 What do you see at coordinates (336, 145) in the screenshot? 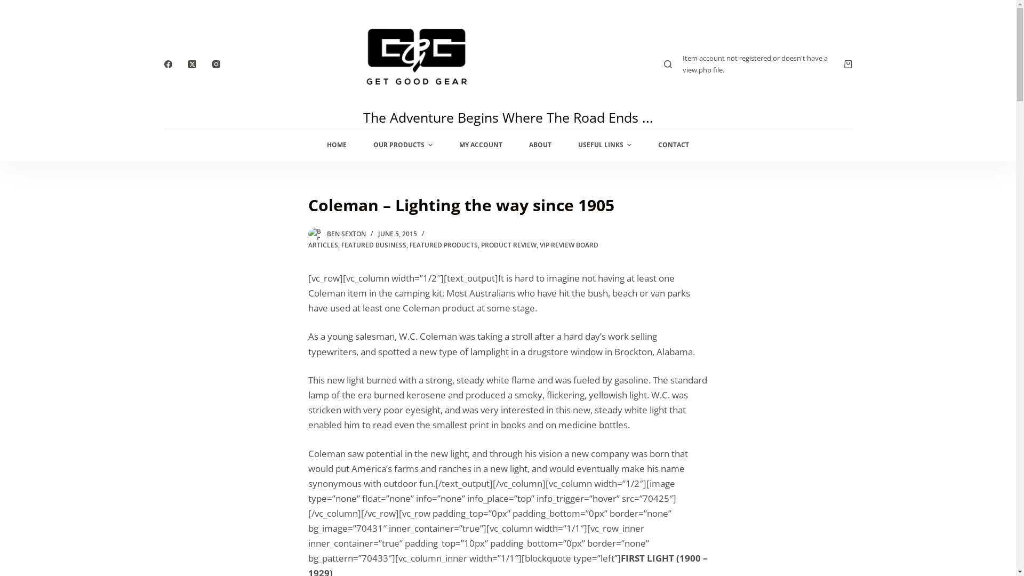
I see `'HOME'` at bounding box center [336, 145].